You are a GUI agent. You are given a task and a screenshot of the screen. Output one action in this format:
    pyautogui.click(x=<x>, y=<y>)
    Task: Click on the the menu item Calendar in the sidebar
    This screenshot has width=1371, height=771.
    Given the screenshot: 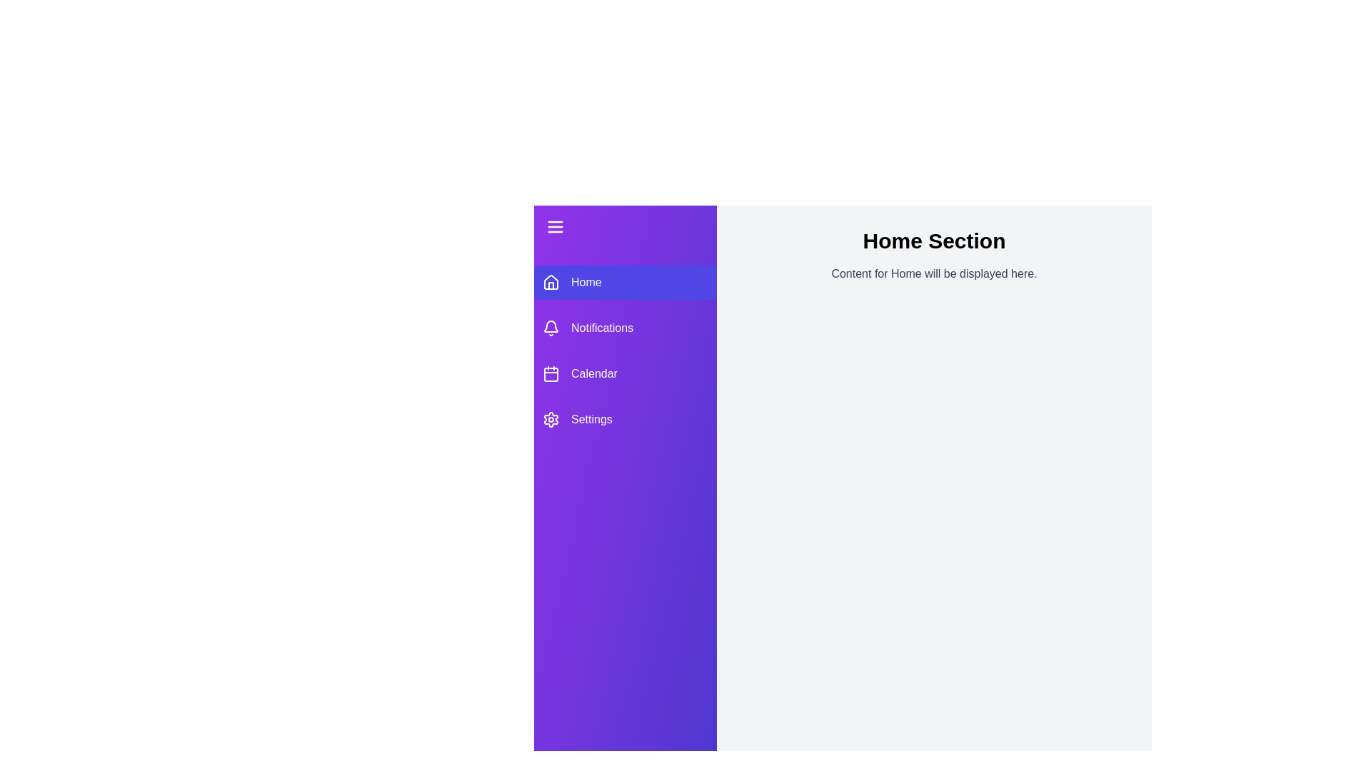 What is the action you would take?
    pyautogui.click(x=625, y=373)
    